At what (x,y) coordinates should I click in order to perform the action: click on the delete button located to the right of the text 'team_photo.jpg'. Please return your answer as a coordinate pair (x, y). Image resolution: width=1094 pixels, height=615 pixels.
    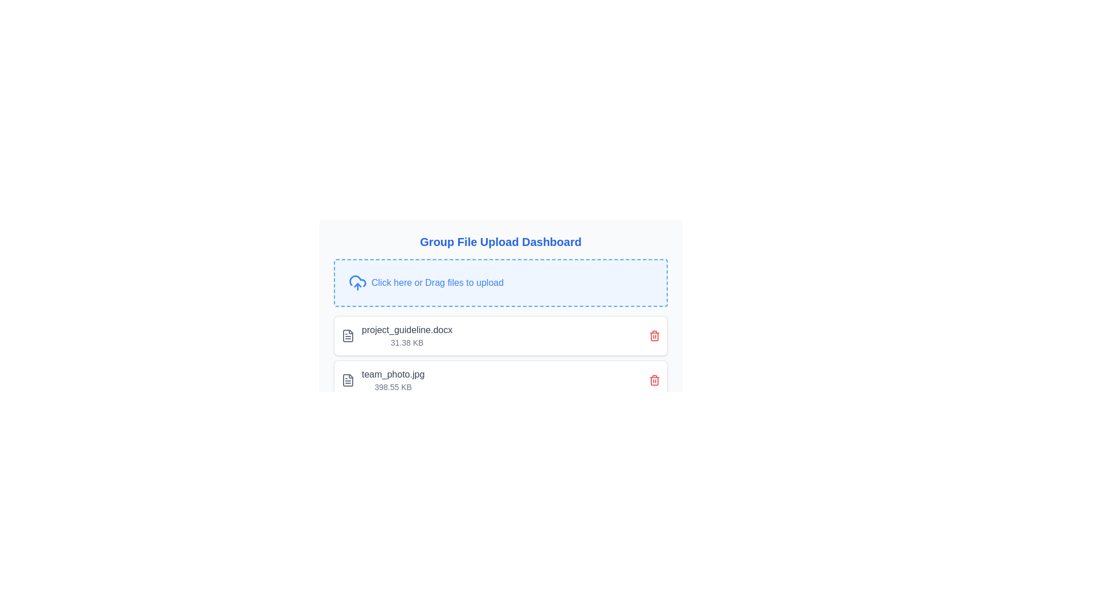
    Looking at the image, I should click on (654, 380).